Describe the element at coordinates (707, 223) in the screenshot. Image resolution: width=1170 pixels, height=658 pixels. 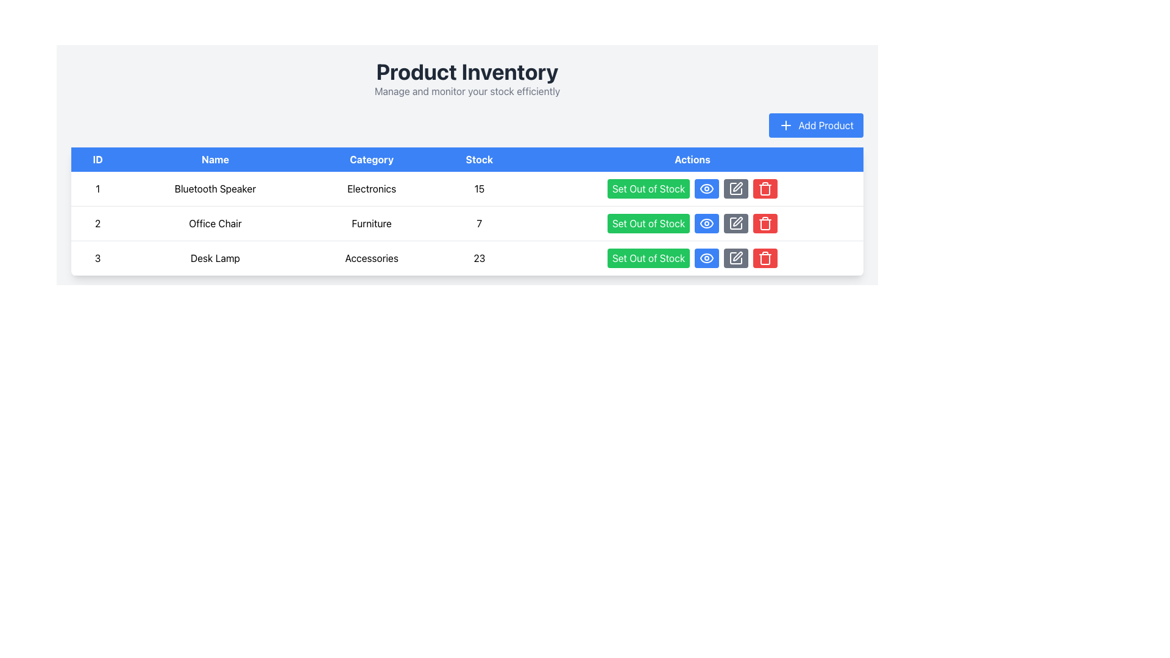
I see `the eye icon button` at that location.